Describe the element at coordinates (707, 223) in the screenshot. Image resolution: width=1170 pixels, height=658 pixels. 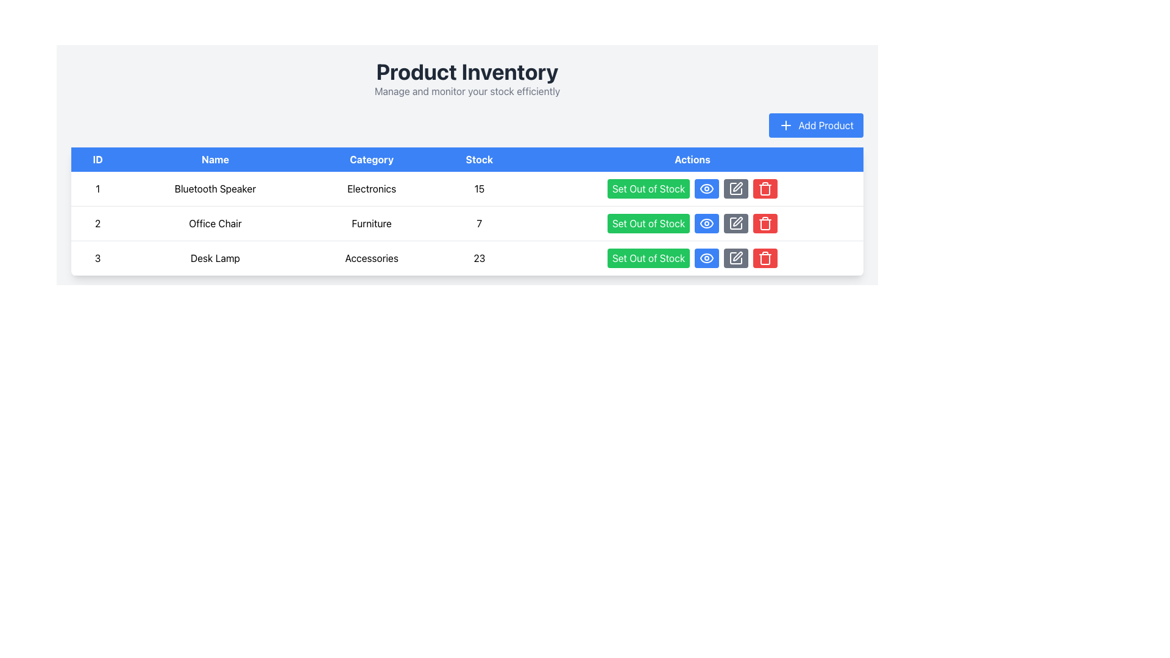
I see `the eye icon button` at that location.